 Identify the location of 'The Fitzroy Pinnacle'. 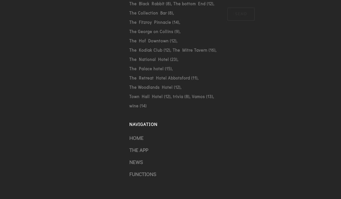
(150, 22).